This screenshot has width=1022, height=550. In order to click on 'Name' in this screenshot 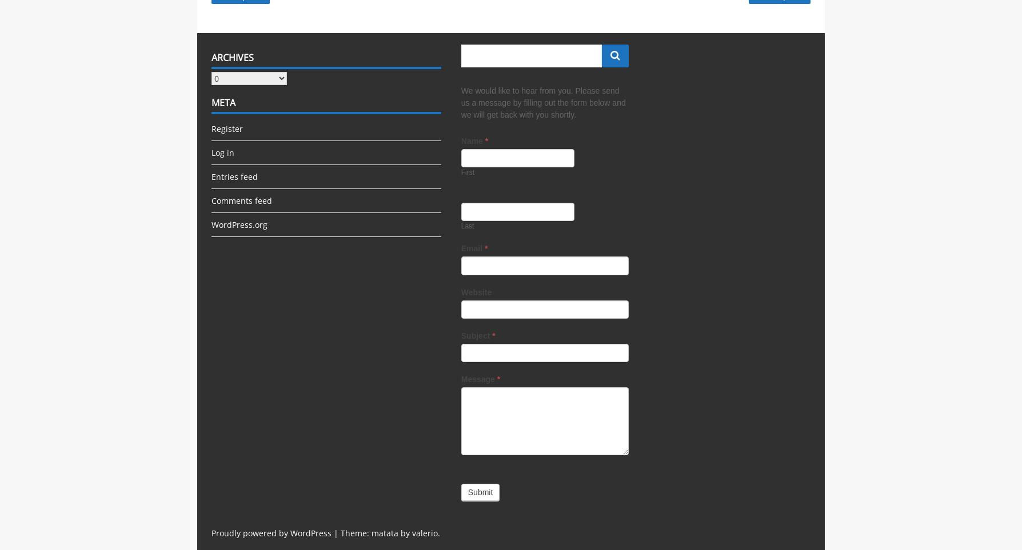, I will do `click(472, 141)`.